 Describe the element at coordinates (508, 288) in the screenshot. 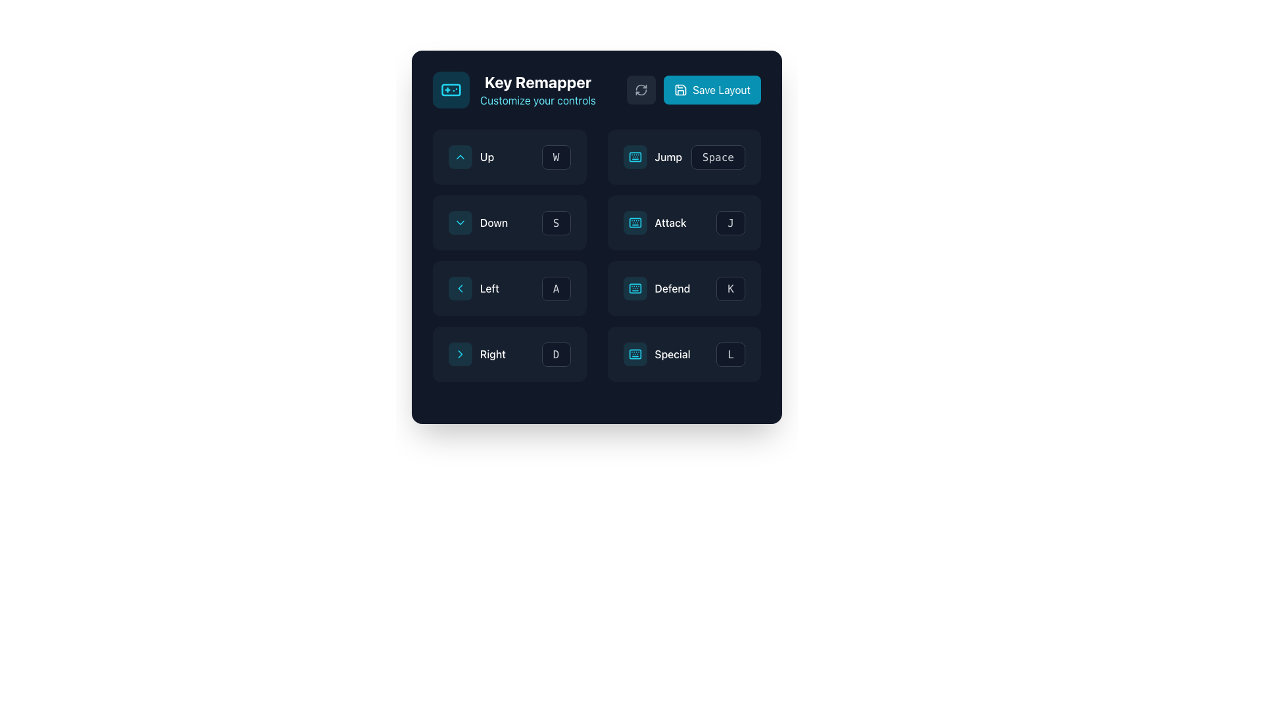

I see `a new key onto the Key binding display/input field for the 'Left' command` at that location.